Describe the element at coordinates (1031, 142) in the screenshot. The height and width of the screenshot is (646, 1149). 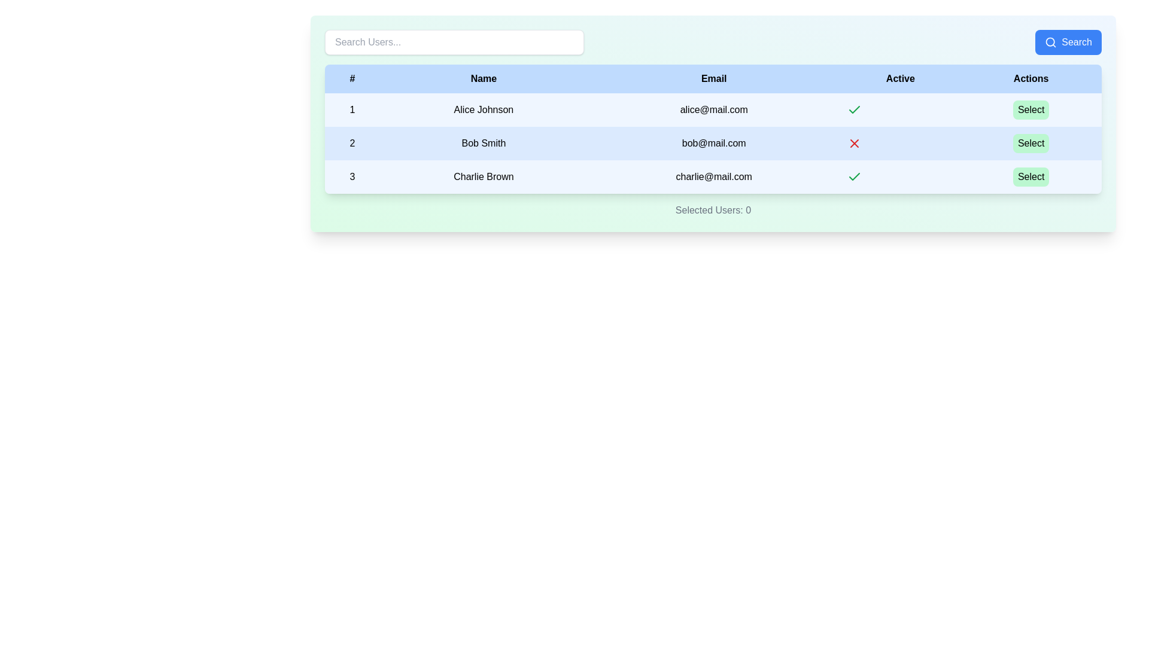
I see `the second 'Select' button located in the 'Actions' column of the table for 'Bob Smith'` at that location.